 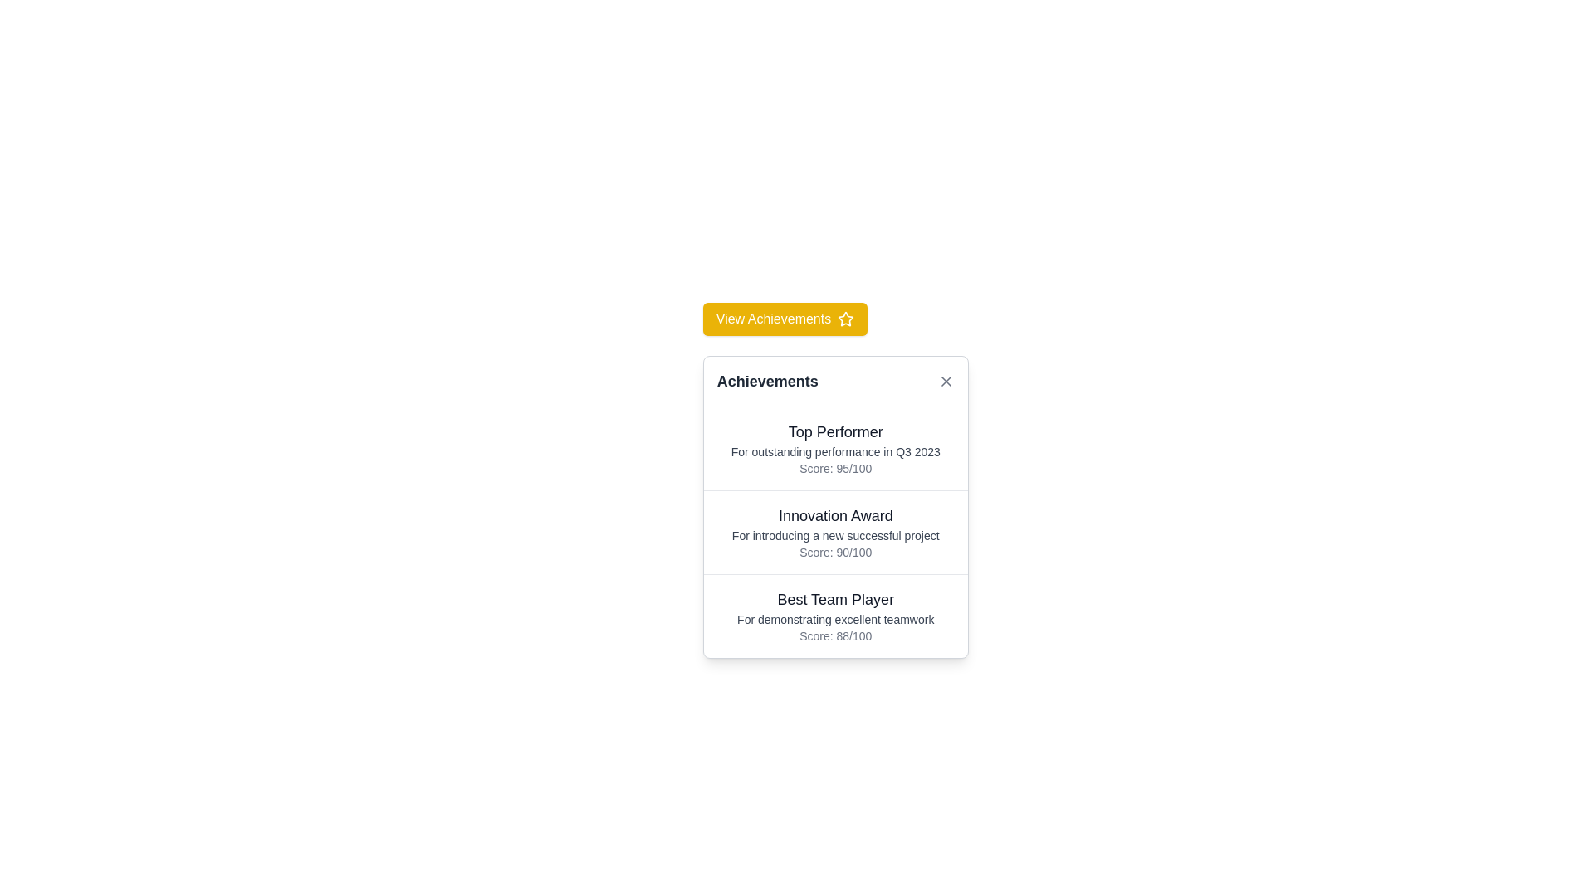 I want to click on descriptive text element that provides additional information related to the 'Best Team Player' award, located between the title and the score summary in the modal dialog, so click(x=835, y=620).